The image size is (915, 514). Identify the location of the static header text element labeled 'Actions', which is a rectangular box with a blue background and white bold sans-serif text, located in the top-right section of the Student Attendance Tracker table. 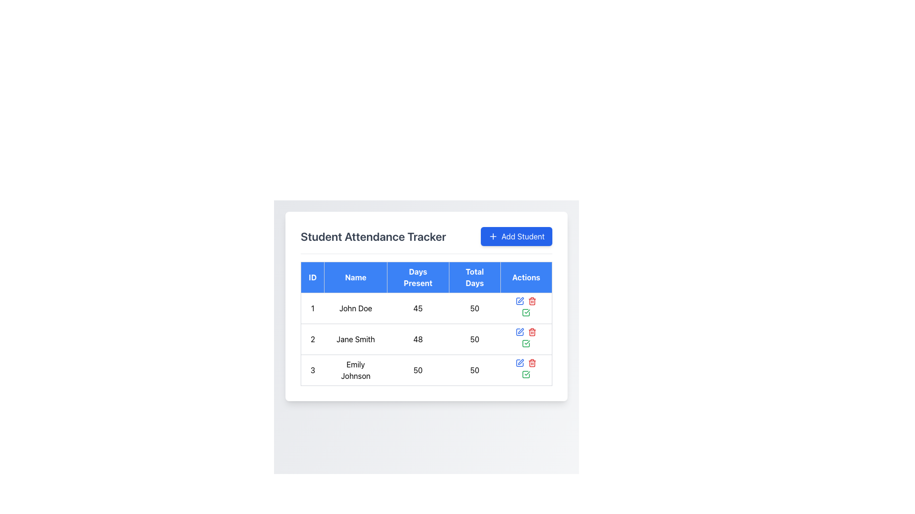
(526, 277).